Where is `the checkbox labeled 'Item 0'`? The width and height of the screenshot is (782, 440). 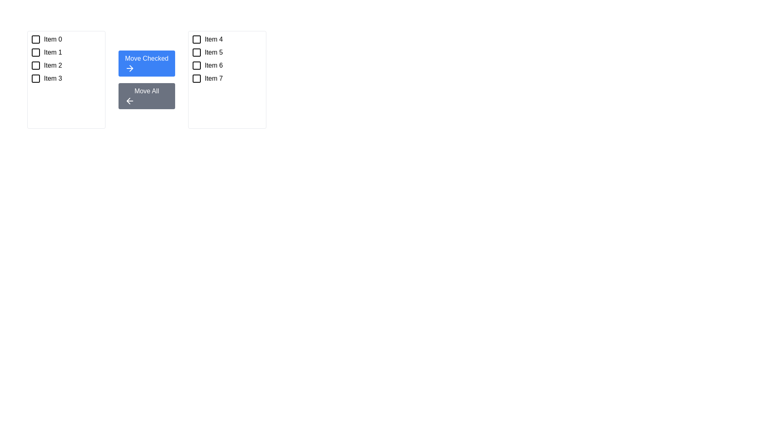
the checkbox labeled 'Item 0' is located at coordinates (66, 39).